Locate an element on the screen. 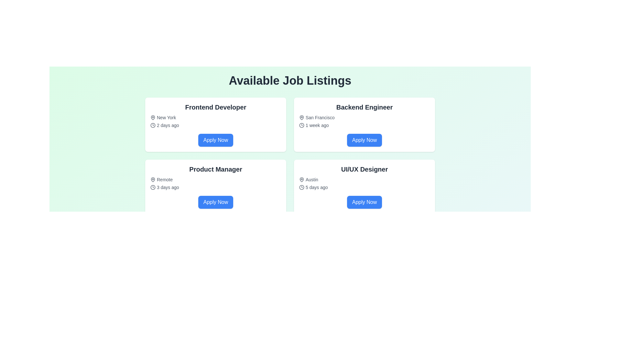 The width and height of the screenshot is (621, 349). text of the 'Product Manager' label, which is a bold dark gray text that turns blue on hover, located in the bottom-left quadrant of the layout is located at coordinates (216, 169).